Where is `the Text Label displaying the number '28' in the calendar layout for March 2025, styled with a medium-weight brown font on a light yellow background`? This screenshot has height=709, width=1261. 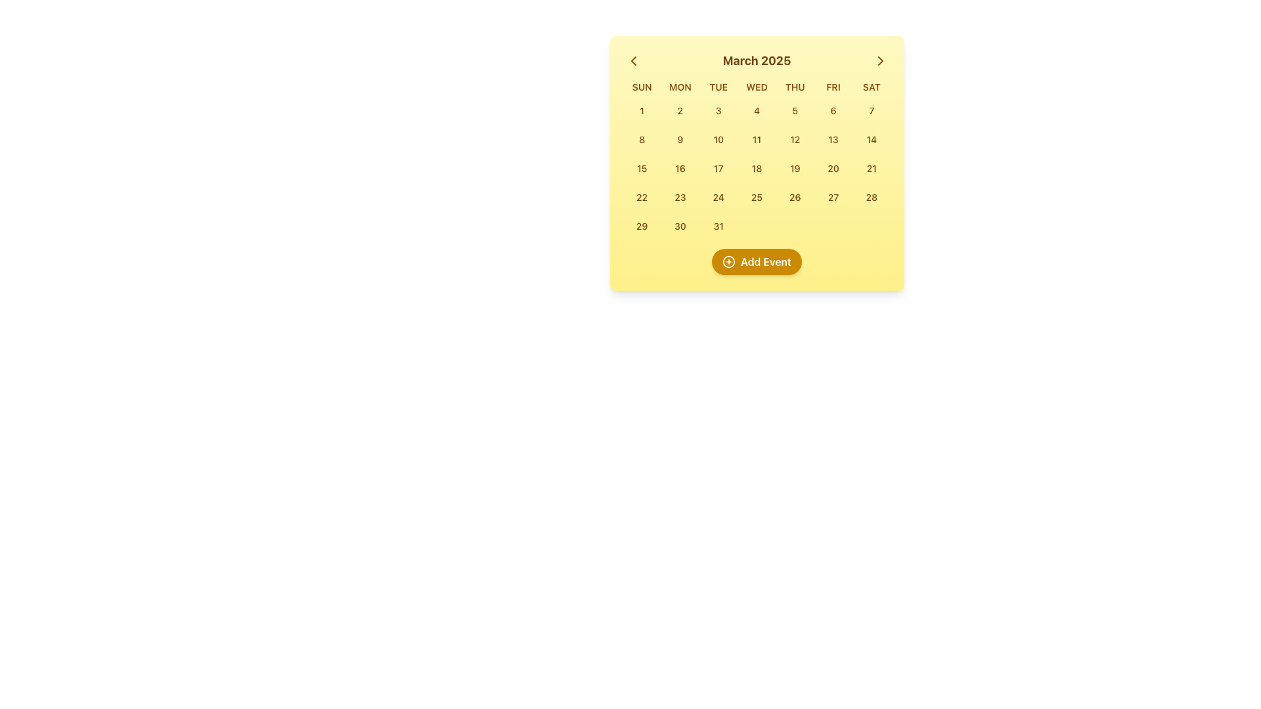
the Text Label displaying the number '28' in the calendar layout for March 2025, styled with a medium-weight brown font on a light yellow background is located at coordinates (872, 197).